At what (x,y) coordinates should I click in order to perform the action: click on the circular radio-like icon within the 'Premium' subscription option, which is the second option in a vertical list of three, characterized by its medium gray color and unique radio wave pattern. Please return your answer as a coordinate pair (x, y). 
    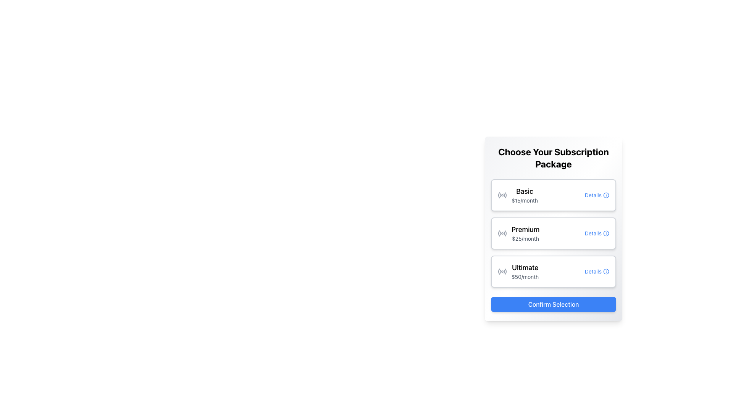
    Looking at the image, I should click on (502, 233).